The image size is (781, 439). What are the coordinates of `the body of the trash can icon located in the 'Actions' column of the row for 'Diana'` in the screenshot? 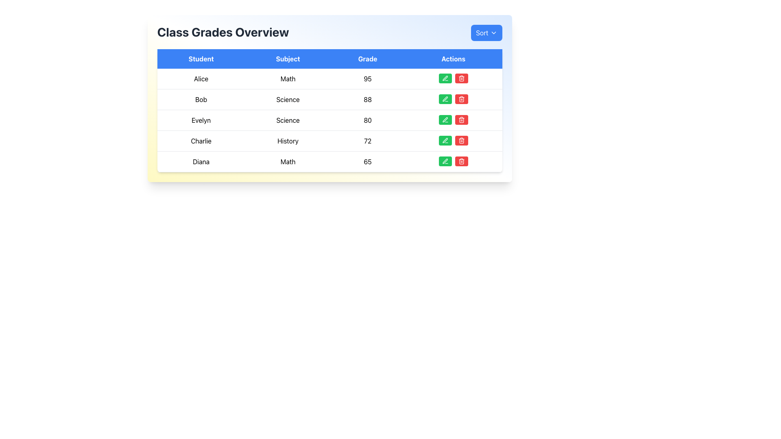 It's located at (461, 79).